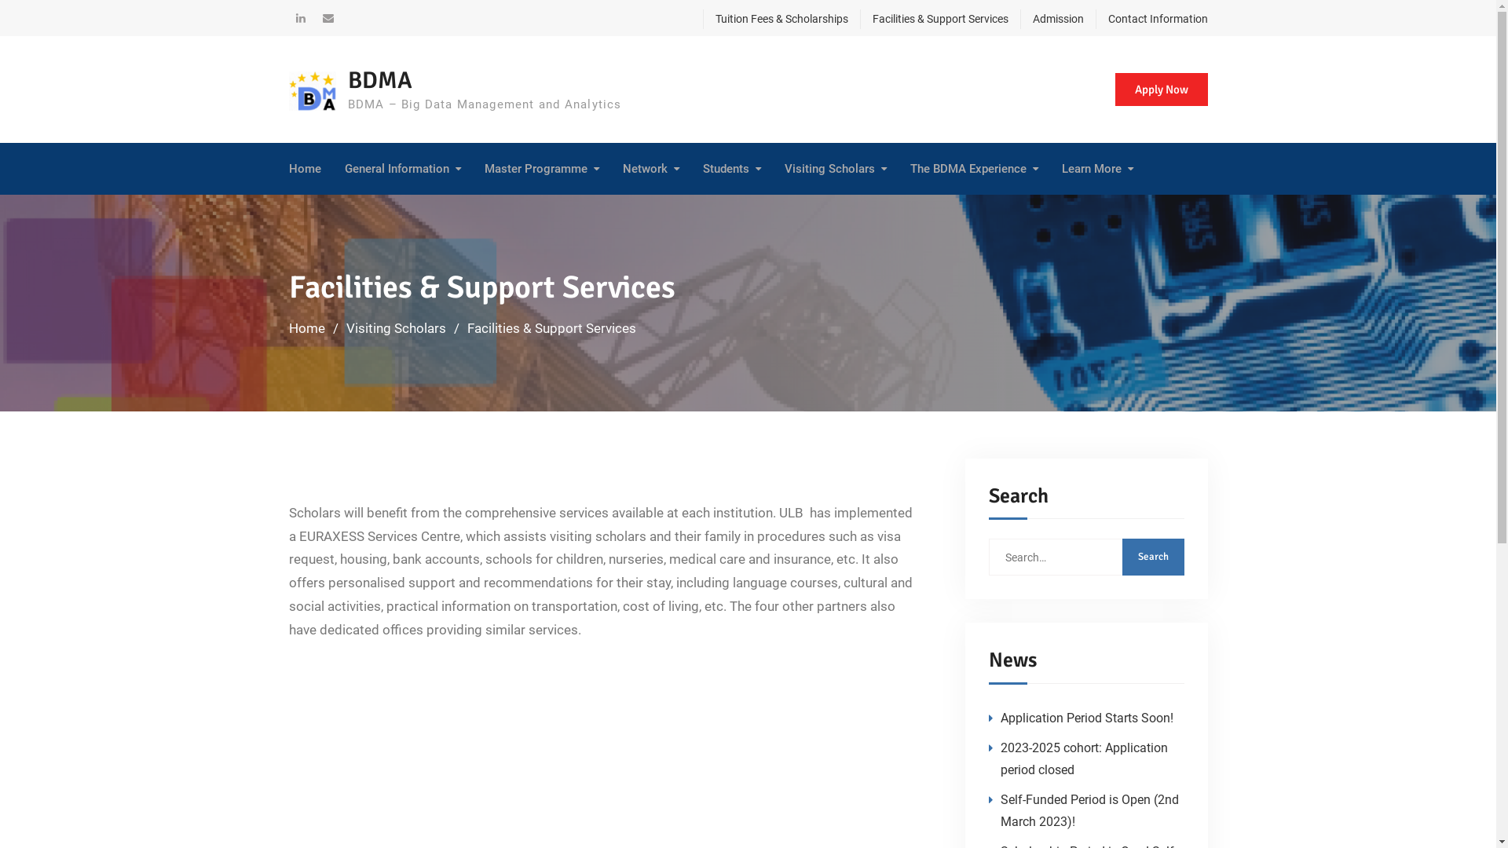 The image size is (1508, 848). What do you see at coordinates (395, 327) in the screenshot?
I see `'Visiting Scholars'` at bounding box center [395, 327].